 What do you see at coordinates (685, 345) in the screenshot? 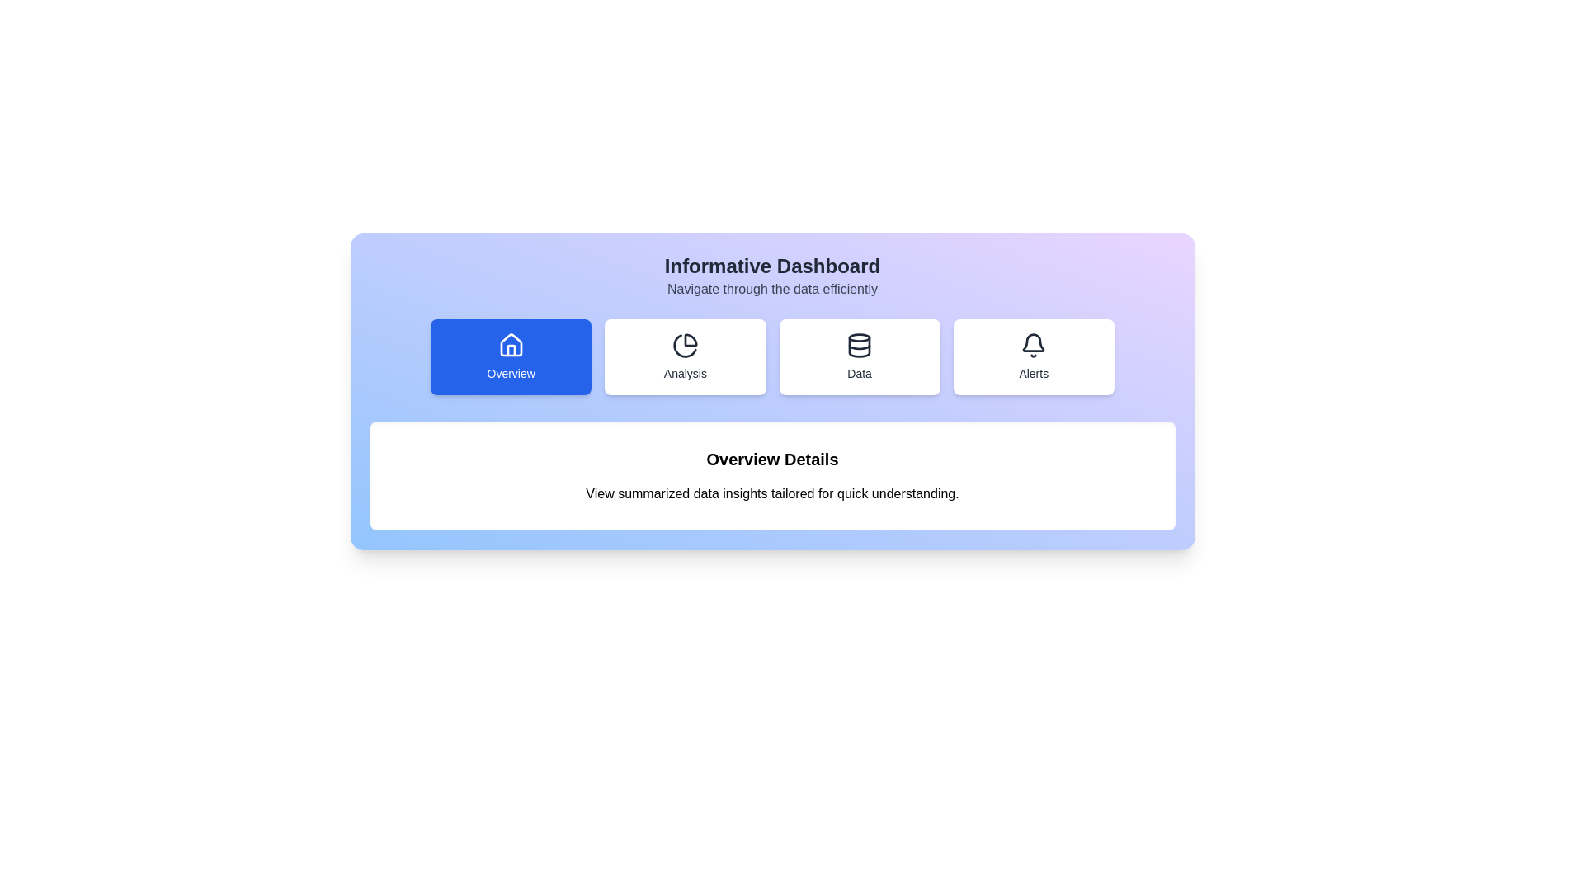
I see `the pie chart icon, which is a line art styled icon located in the Analysis section above the 'Analysis' text label` at bounding box center [685, 345].